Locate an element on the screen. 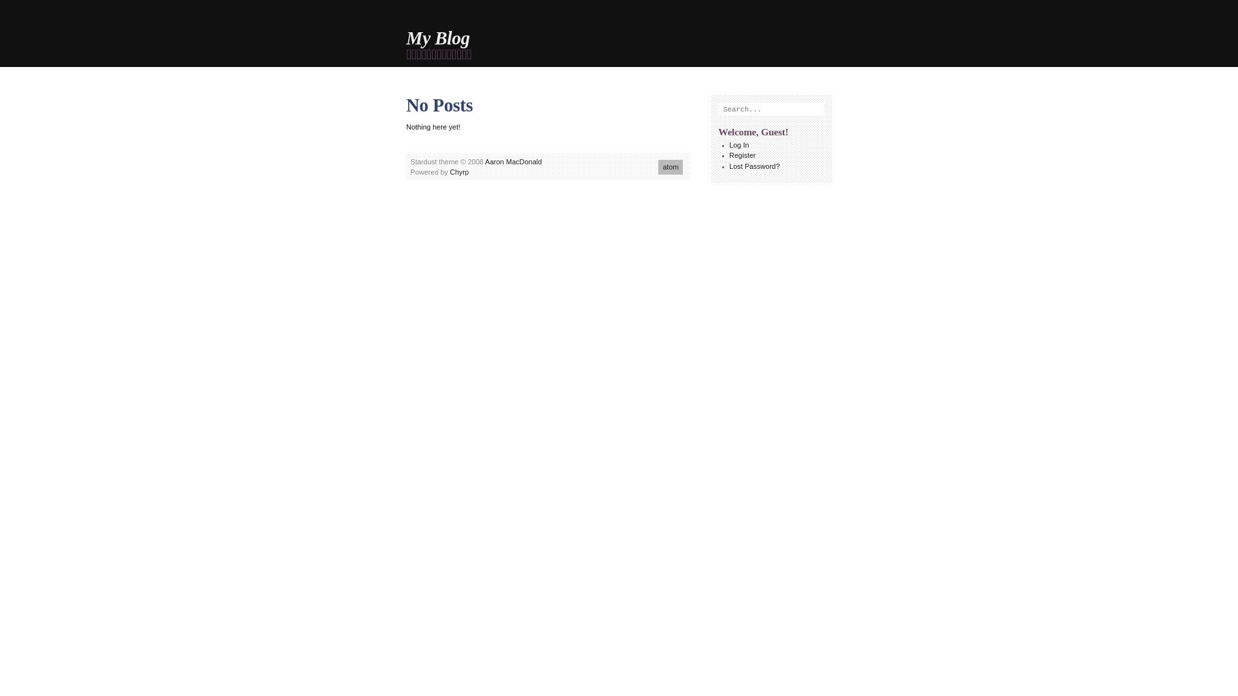  'My Blog' is located at coordinates (438, 37).